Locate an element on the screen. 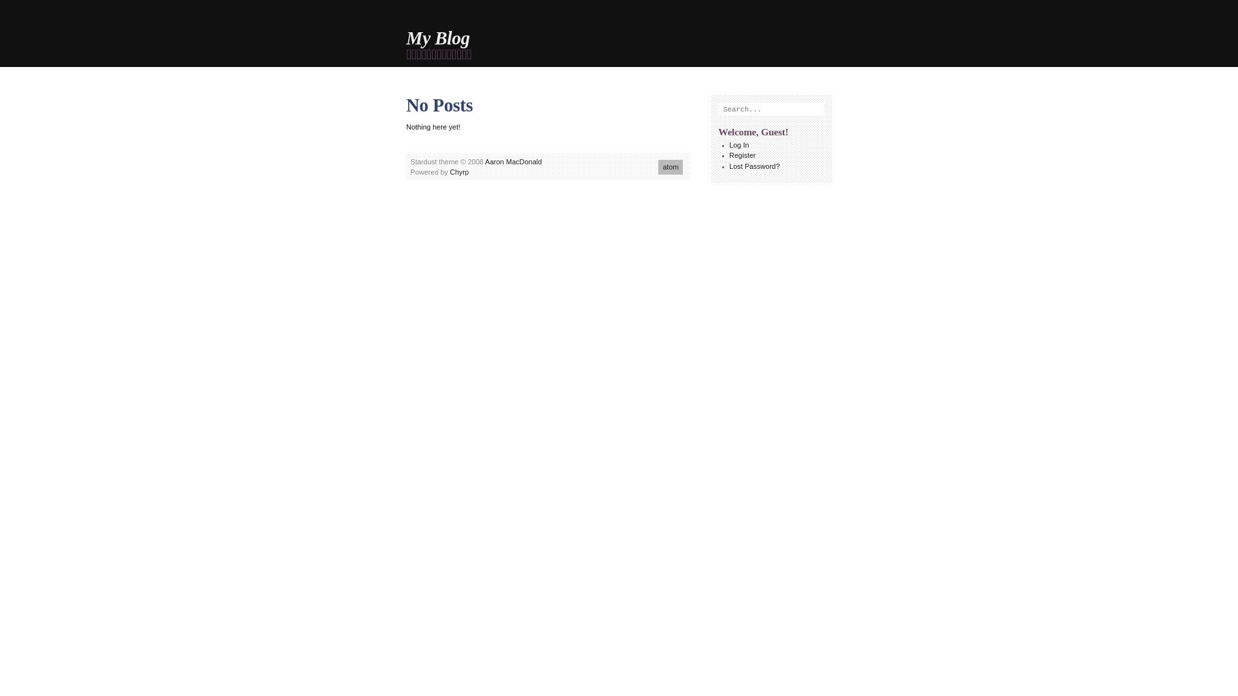  'My Blog' is located at coordinates (438, 37).